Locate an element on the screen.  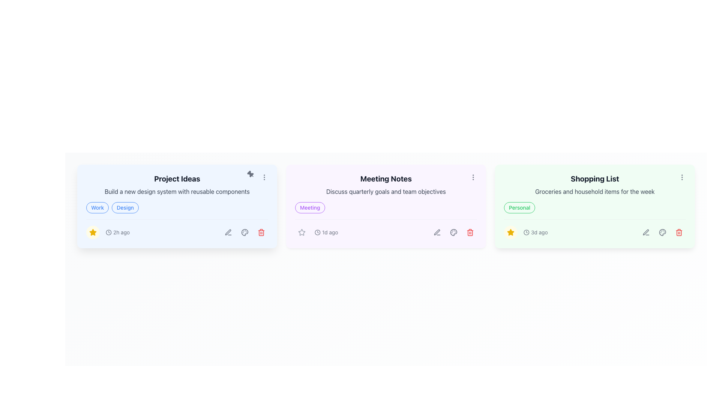
the visual divider element, which is a thin horizontal line with a purple background located at the bottom of the 'Meeting Notes' card is located at coordinates (386, 247).